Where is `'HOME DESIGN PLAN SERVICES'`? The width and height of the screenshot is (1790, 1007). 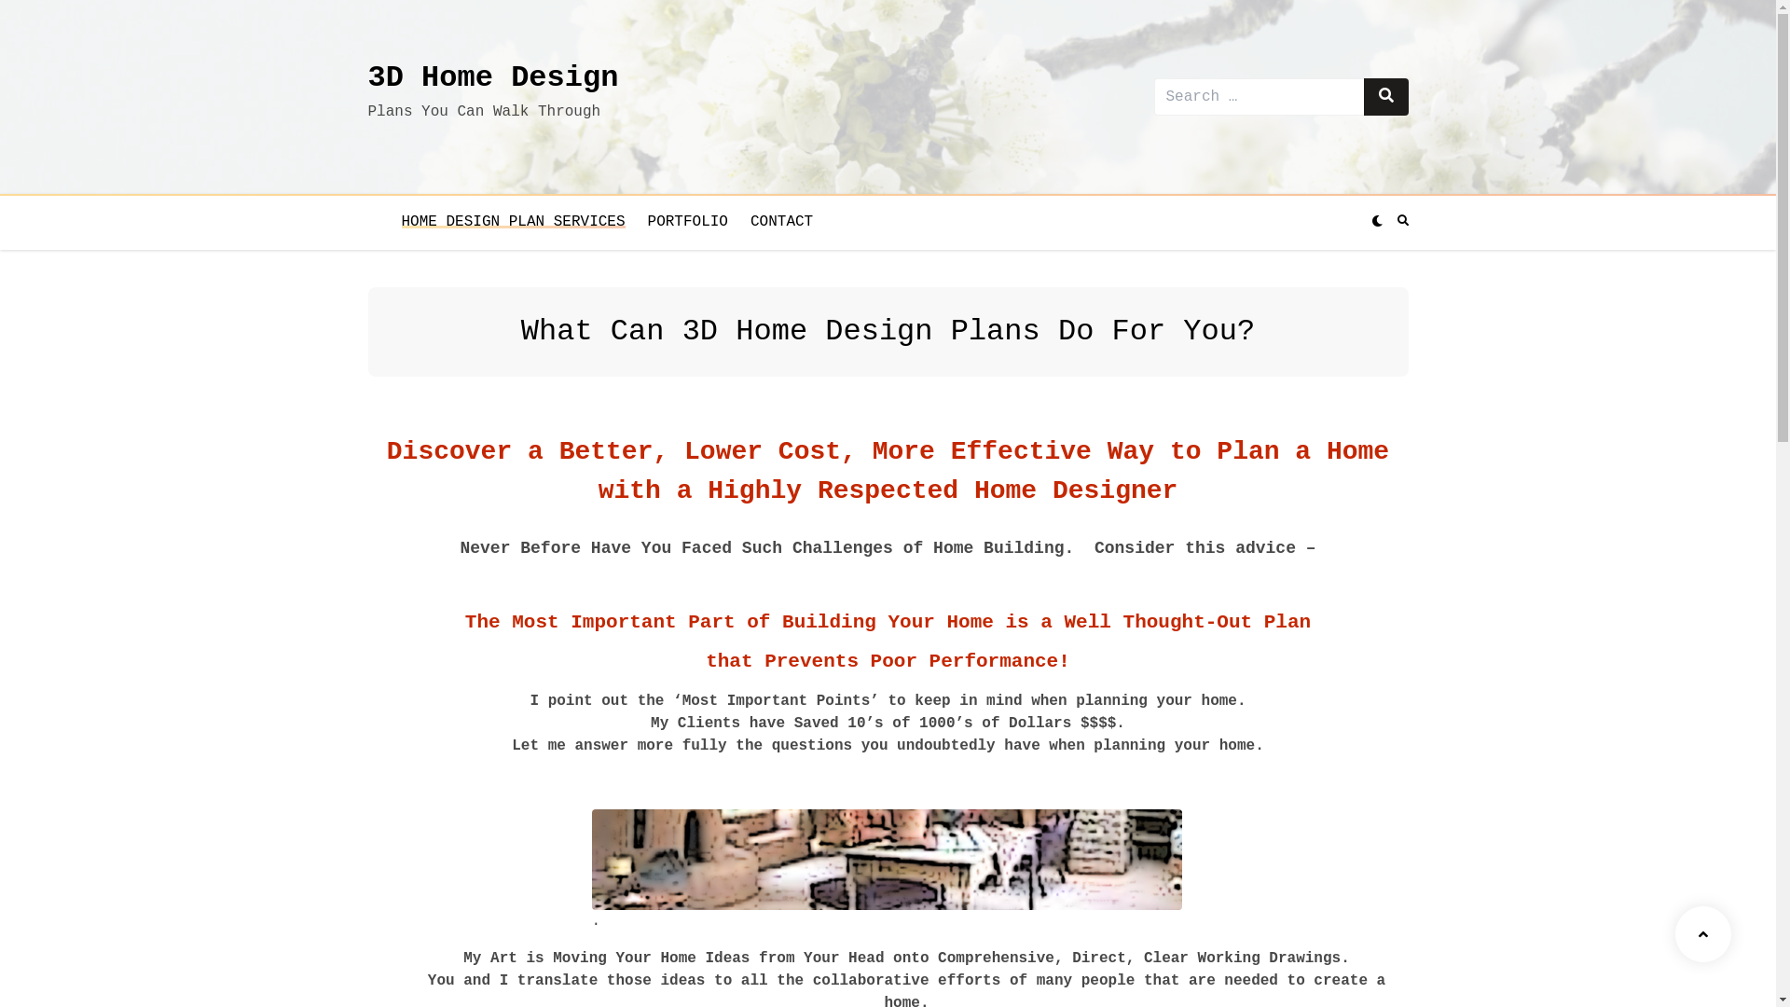 'HOME DESIGN PLAN SERVICES' is located at coordinates (513, 221).